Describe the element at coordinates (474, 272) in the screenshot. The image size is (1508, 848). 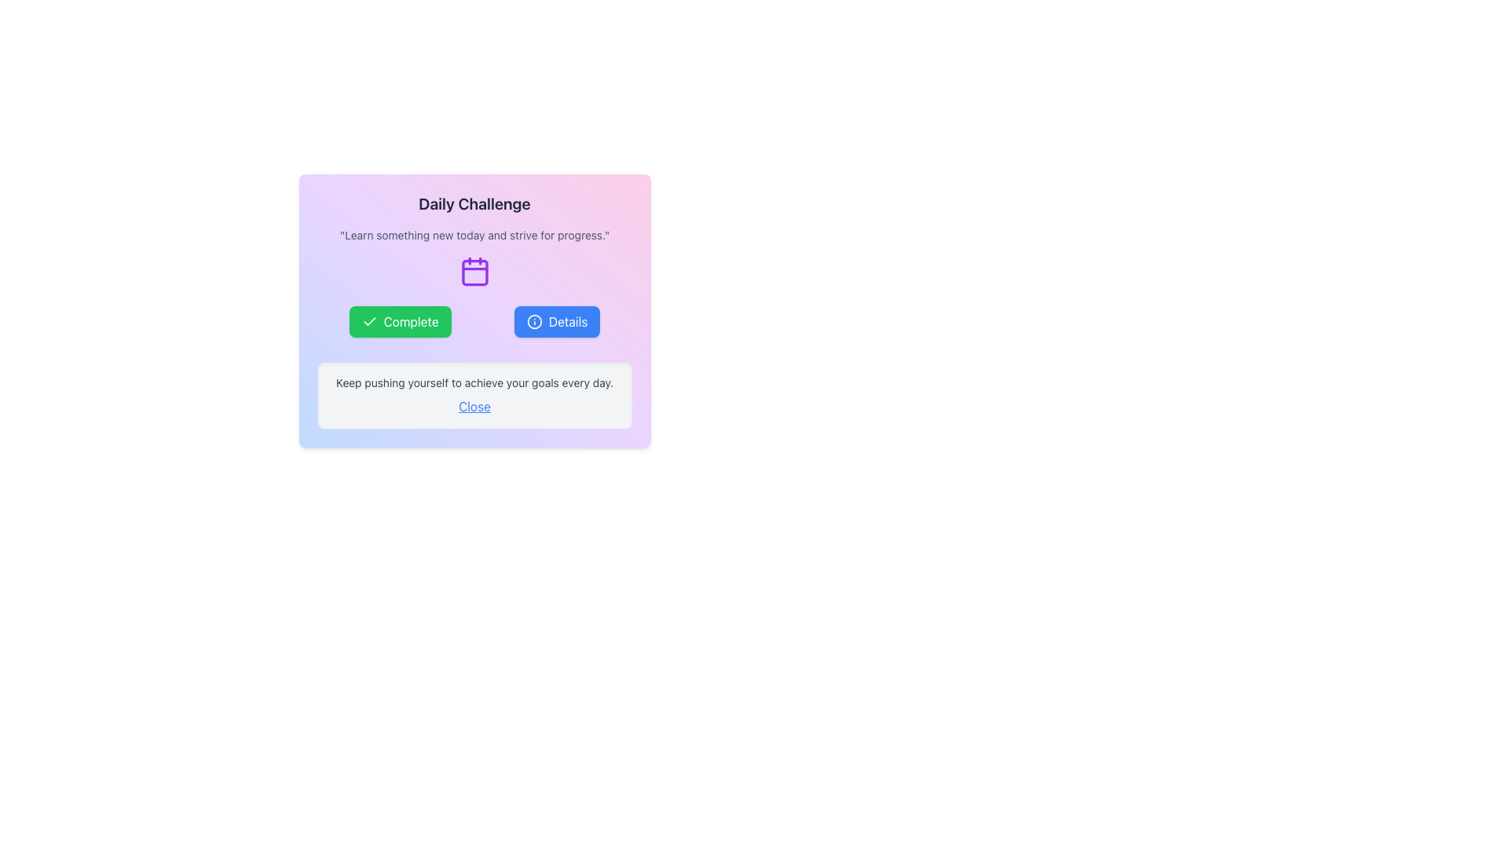
I see `the rounded rectangular area inside the purple calendar icon, which serves as the main body of the calendar graphic` at that location.